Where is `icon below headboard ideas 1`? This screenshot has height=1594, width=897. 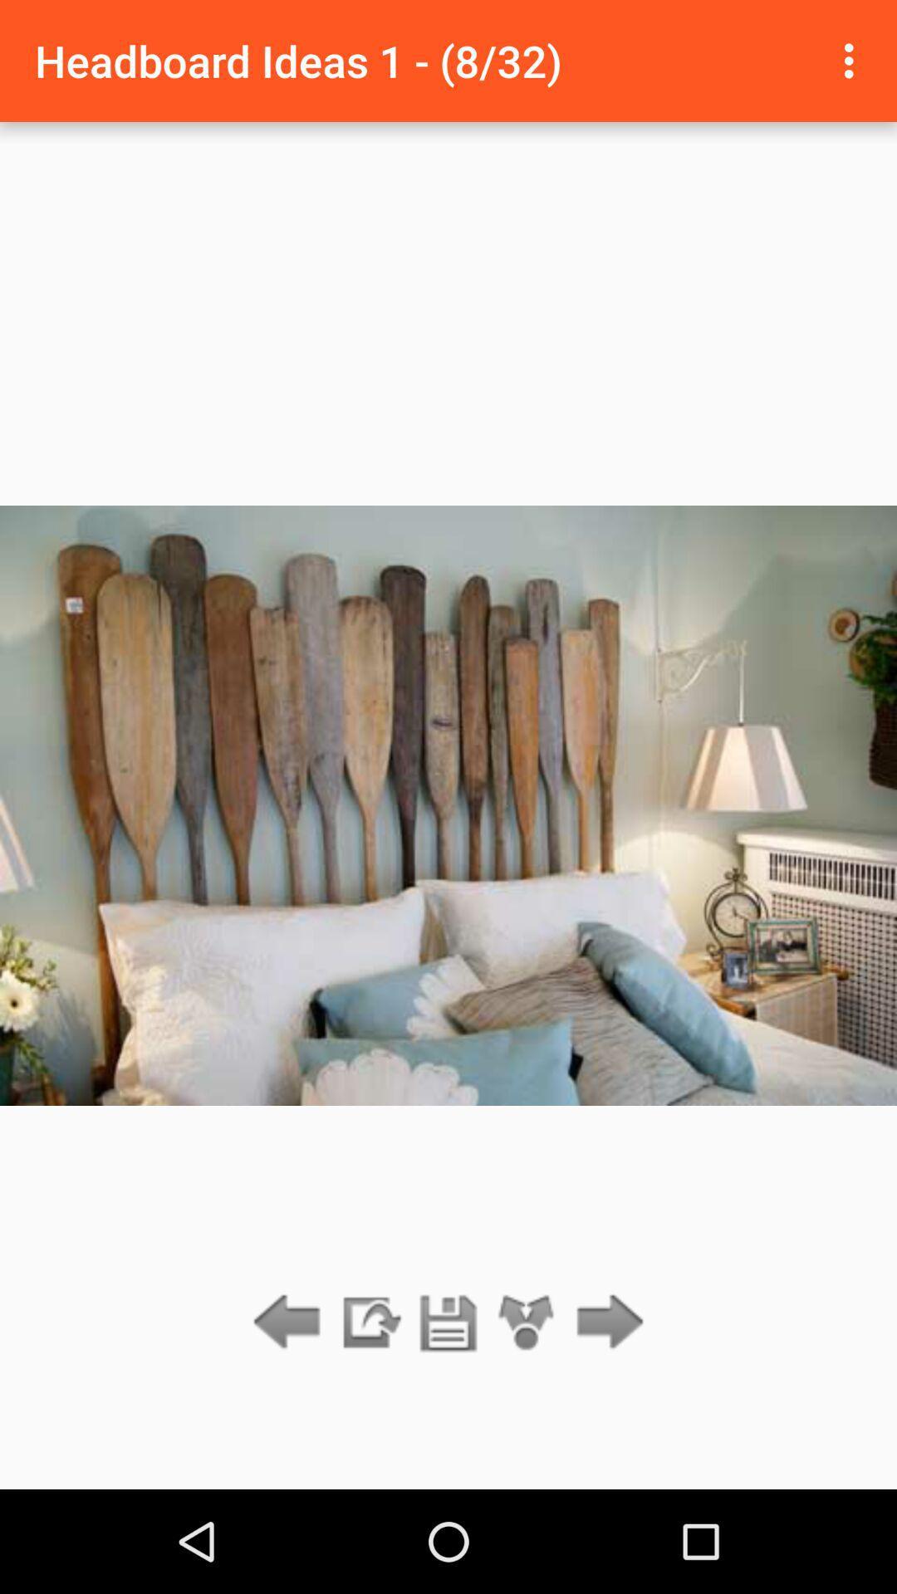
icon below headboard ideas 1 is located at coordinates (605, 1323).